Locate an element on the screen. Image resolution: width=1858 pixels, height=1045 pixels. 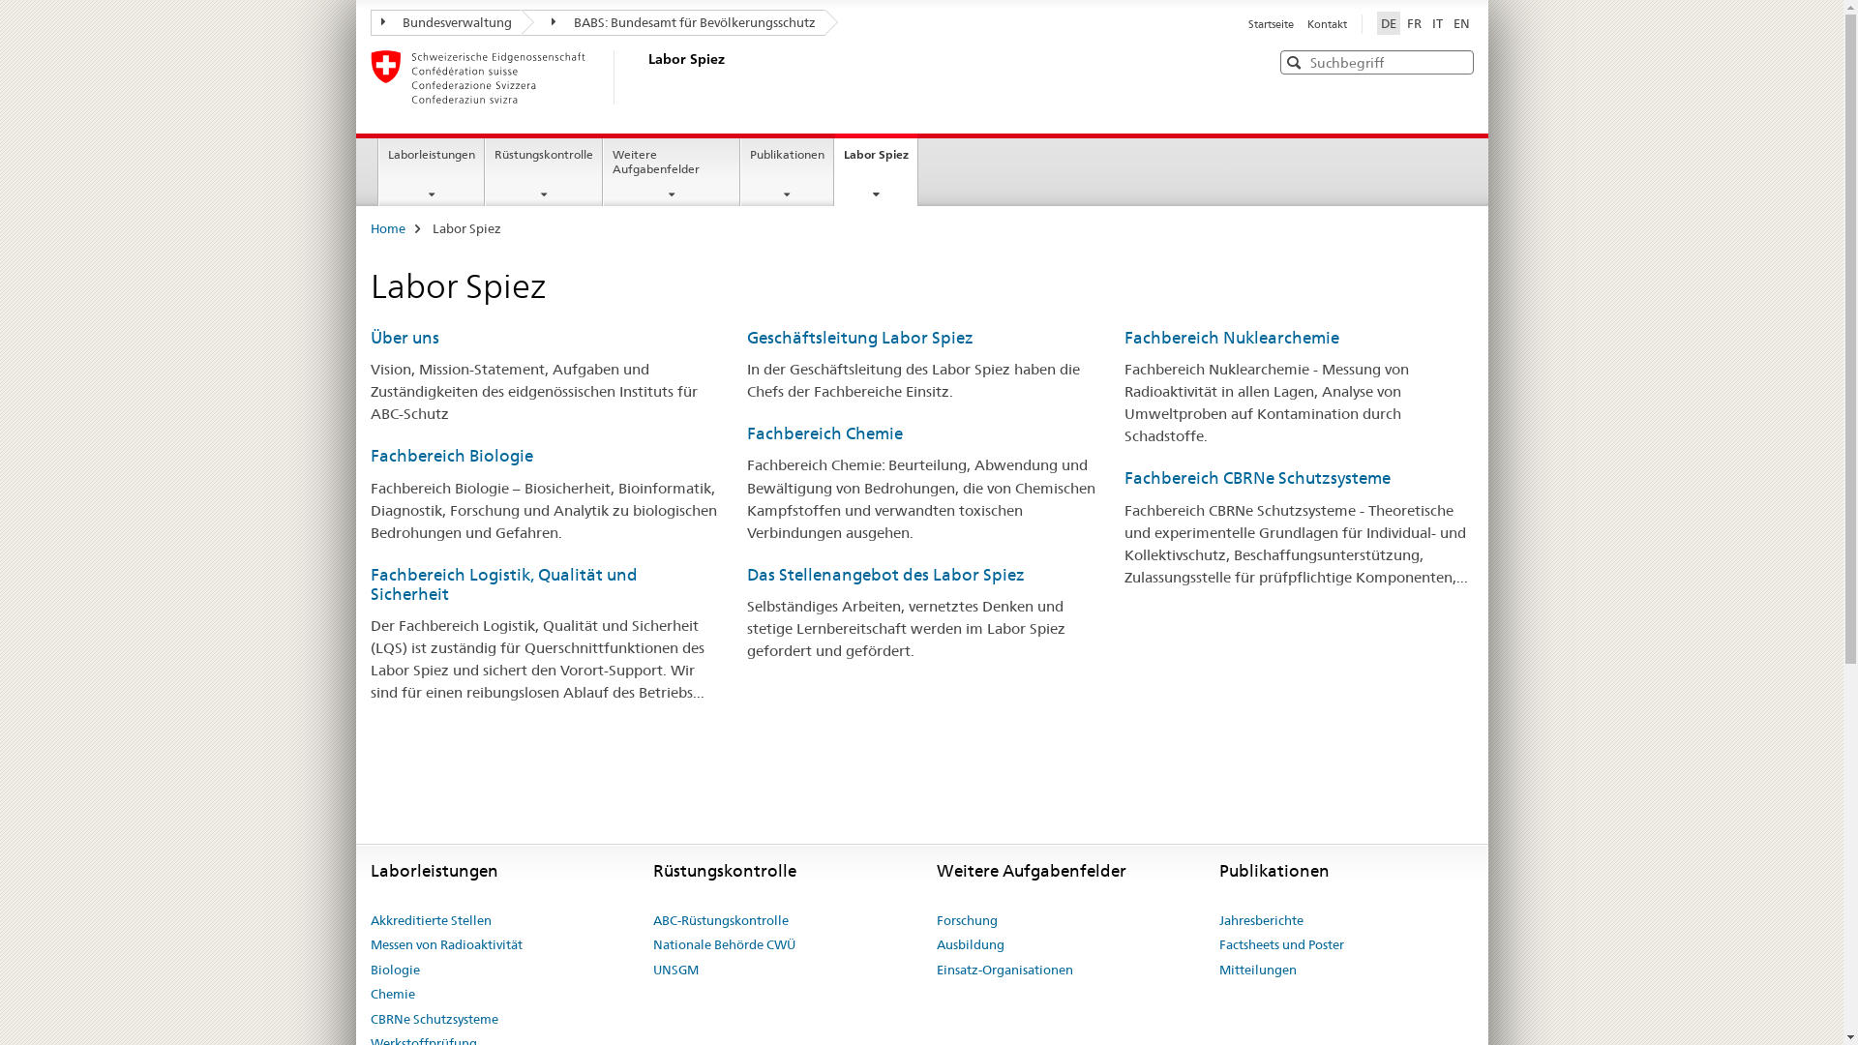
'Das Stellenangebot des Labor Spiez' is located at coordinates (884, 574).